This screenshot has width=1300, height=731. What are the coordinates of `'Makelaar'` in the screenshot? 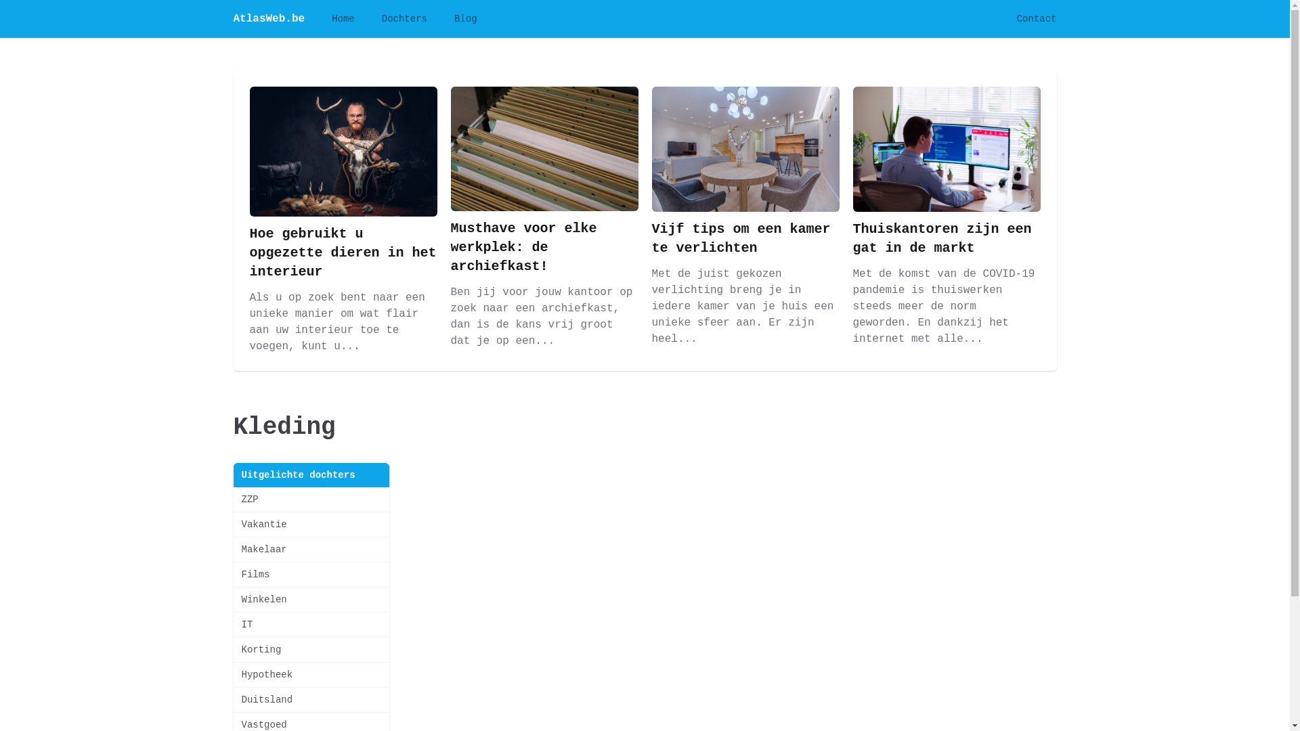 It's located at (310, 550).